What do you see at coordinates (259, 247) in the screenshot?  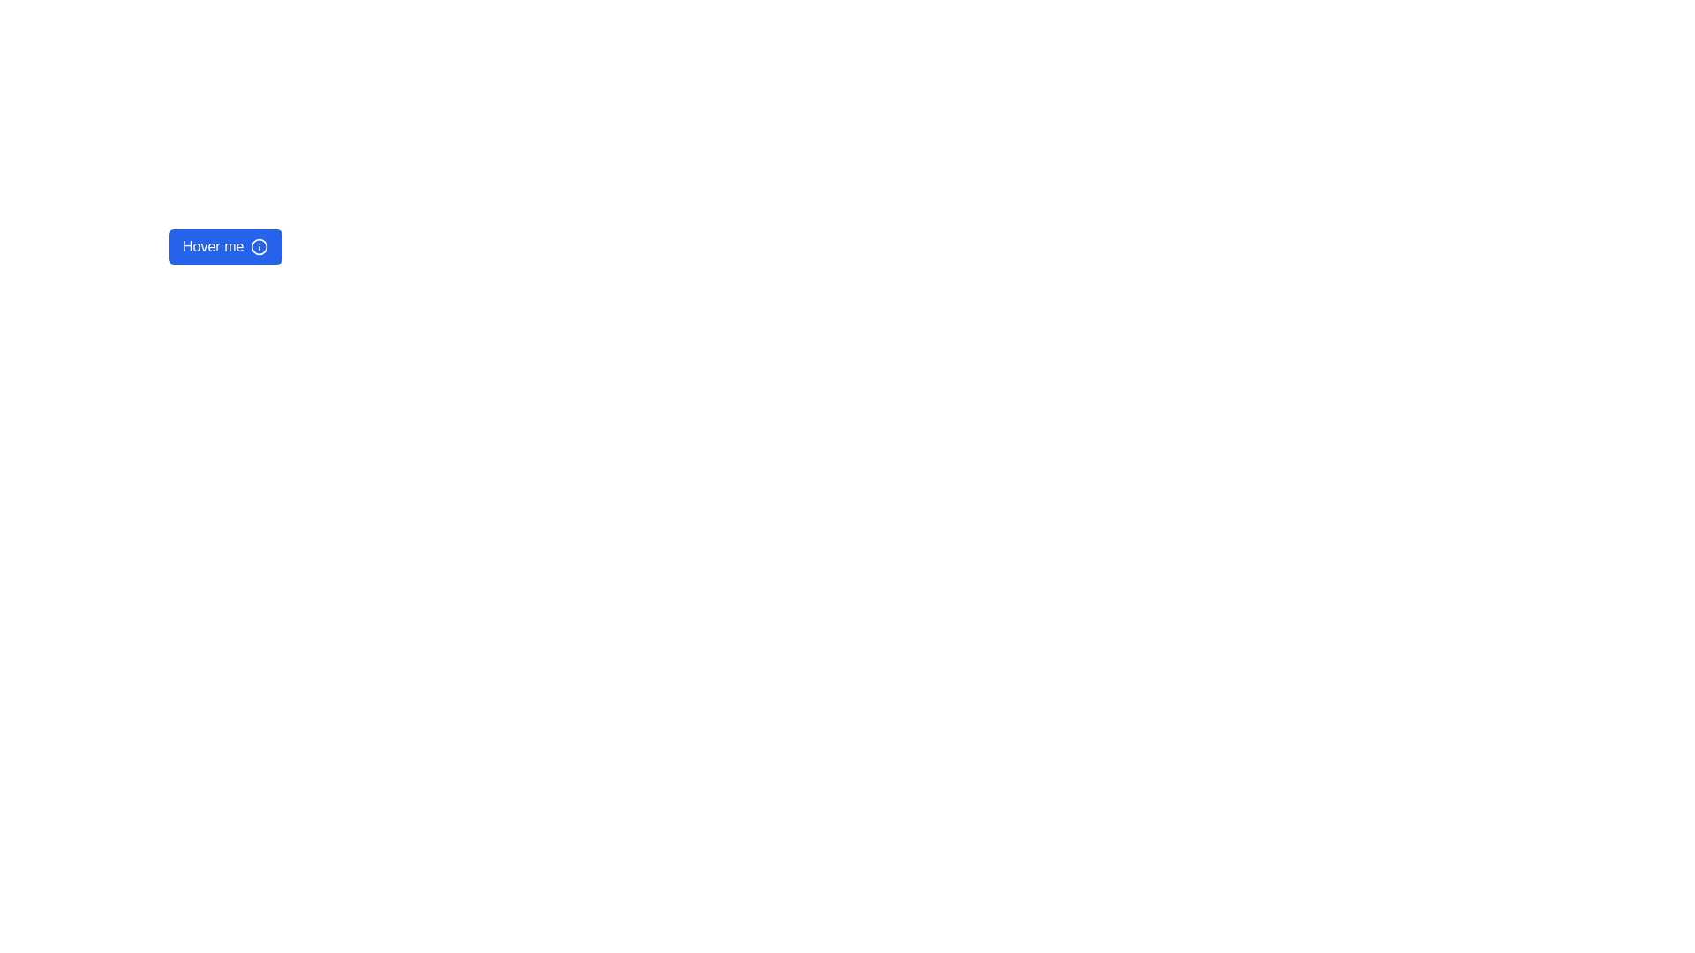 I see `the information icon located within the blue button to the right of the text 'Hover me'` at bounding box center [259, 247].